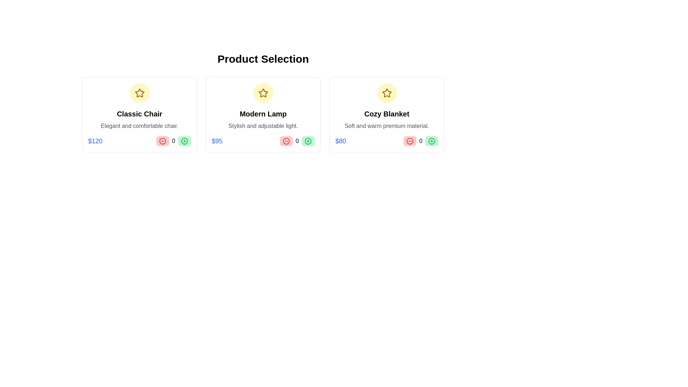 Image resolution: width=688 pixels, height=387 pixels. Describe the element at coordinates (297, 141) in the screenshot. I see `numeric value displayed in the text label showing '0' for the 'Modern Lamp' product in the selection grid, located between the red minus and green plus buttons` at that location.